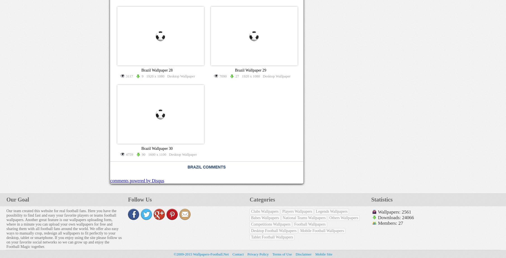  Describe the element at coordinates (343, 217) in the screenshot. I see `'Others Wallpapers'` at that location.